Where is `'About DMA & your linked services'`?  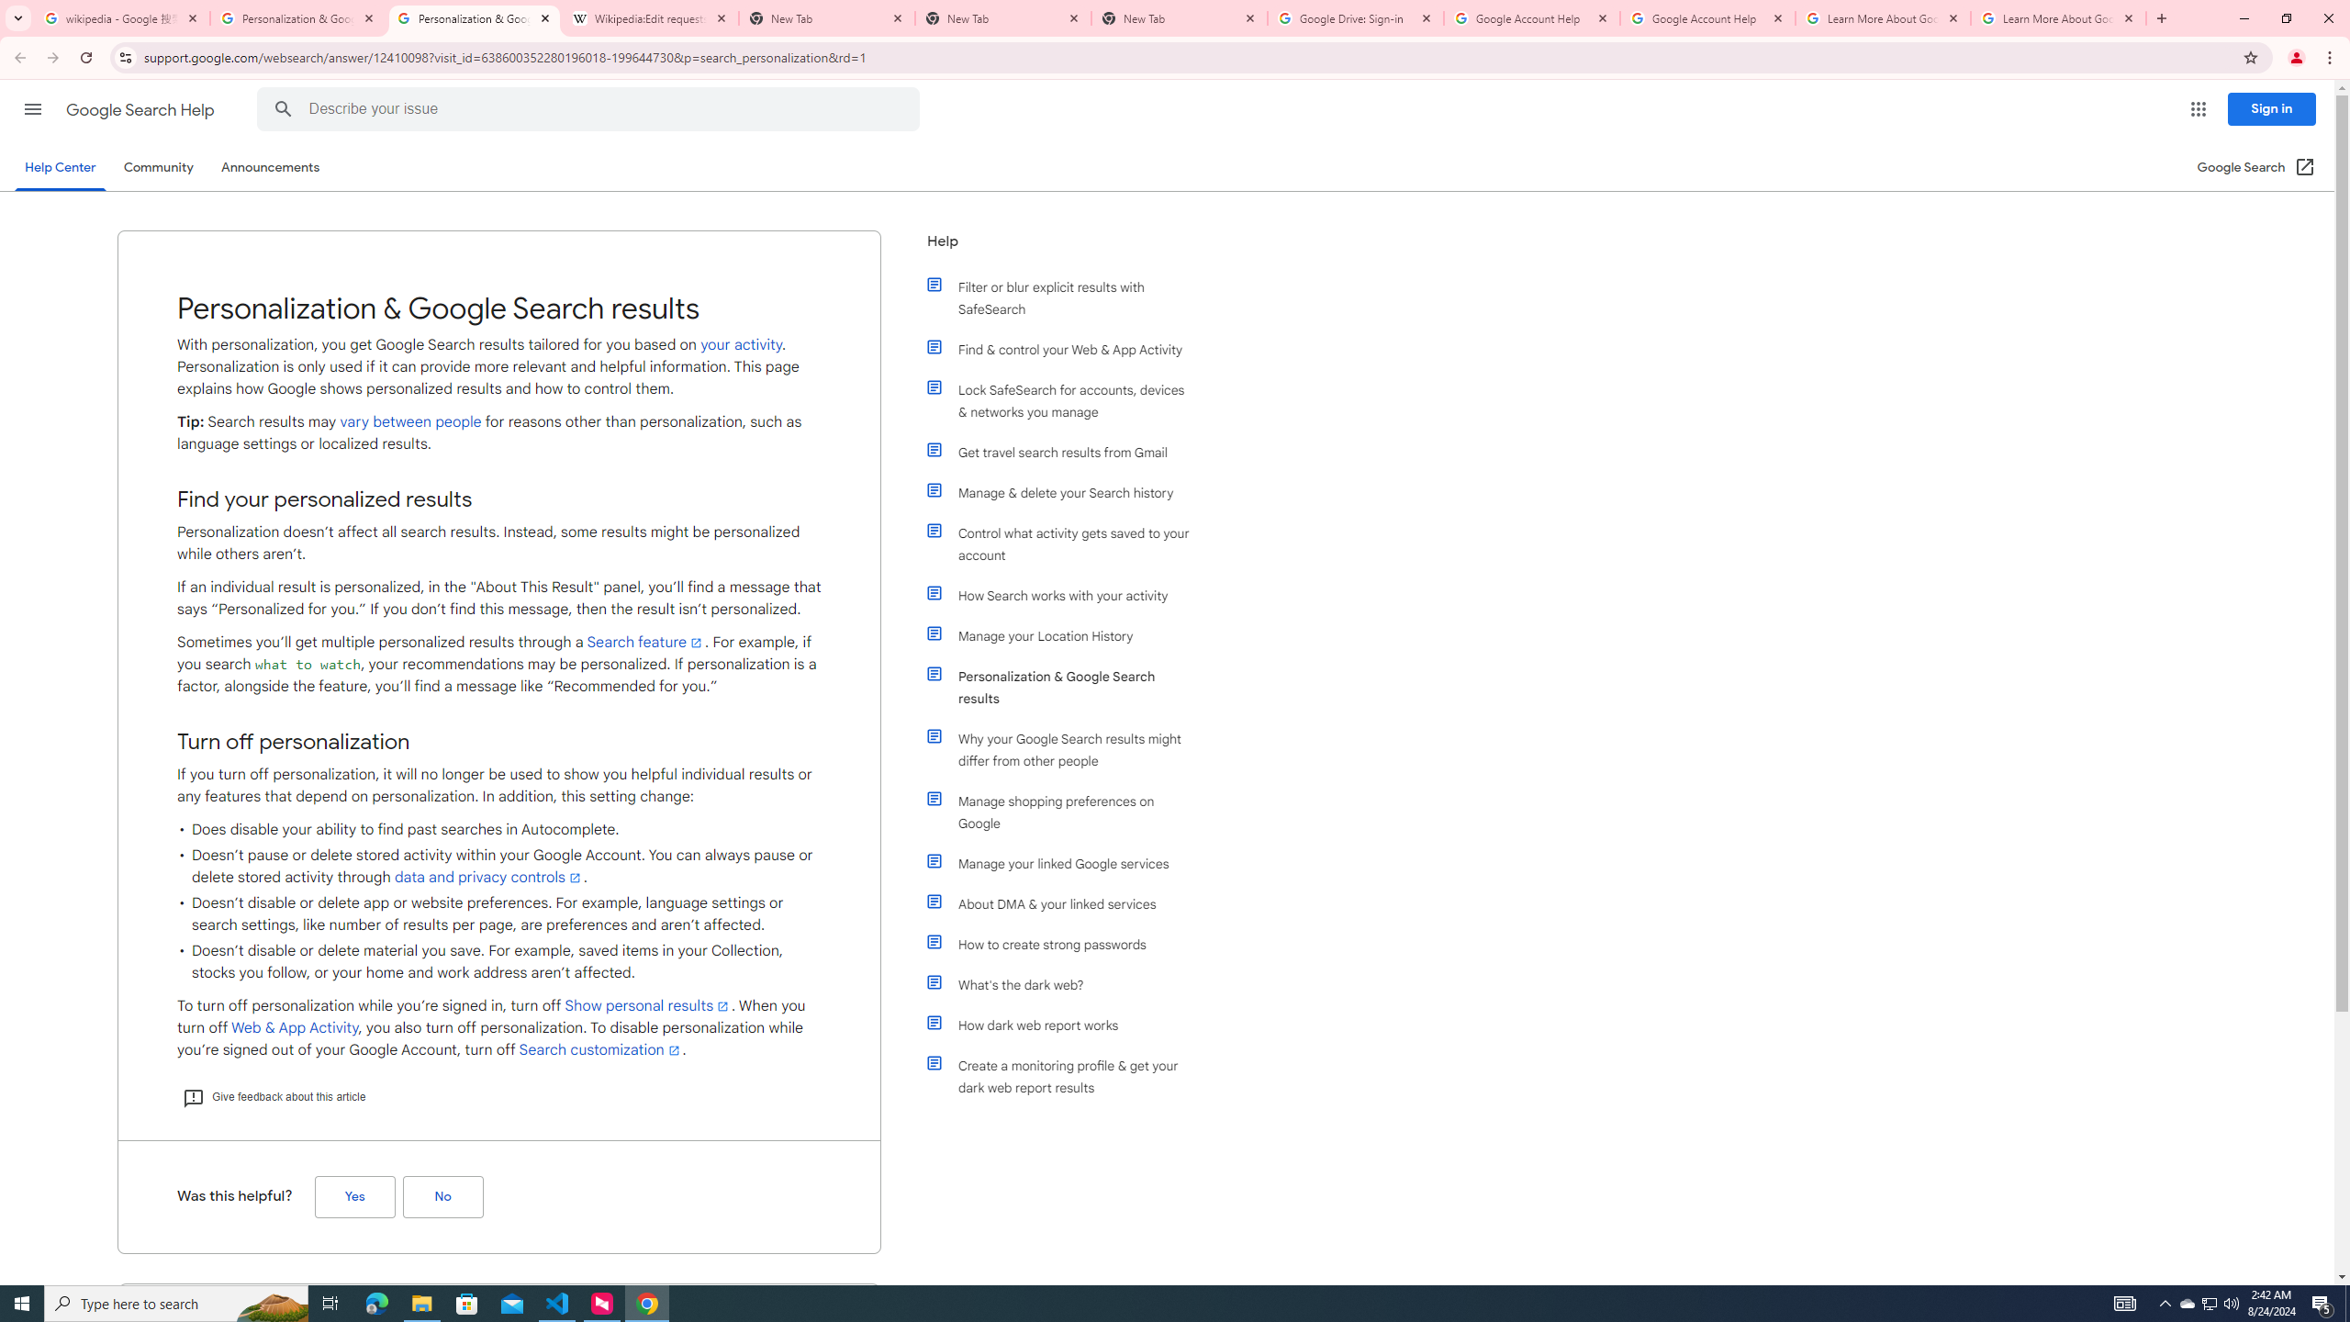
'About DMA & your linked services' is located at coordinates (1067, 903).